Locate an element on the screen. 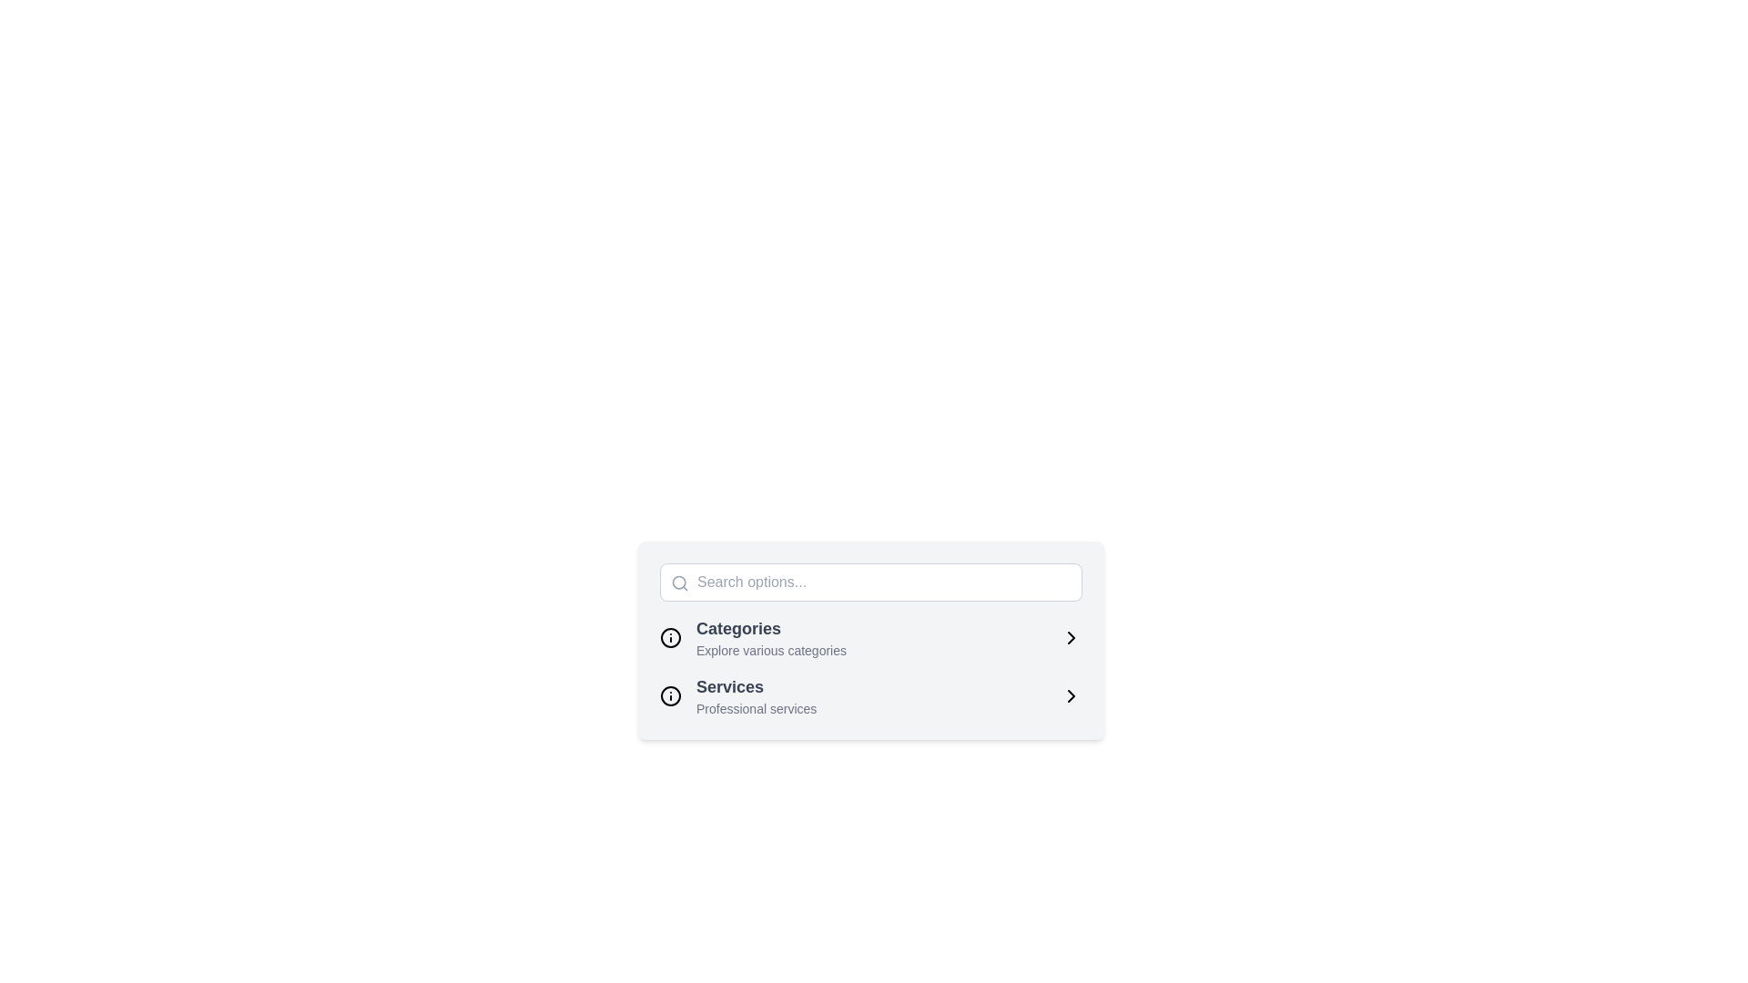 Image resolution: width=1748 pixels, height=983 pixels. the central circle of the 'info' styled icon for the 'Services' section, which is represented as a circular shape with a stroke outline is located at coordinates (670, 695).